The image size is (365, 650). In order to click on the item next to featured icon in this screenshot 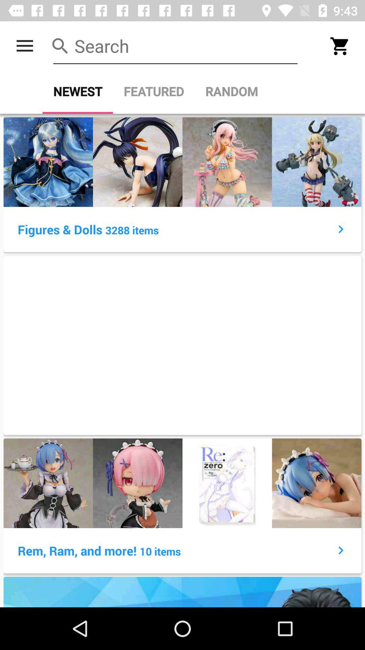, I will do `click(77, 91)`.